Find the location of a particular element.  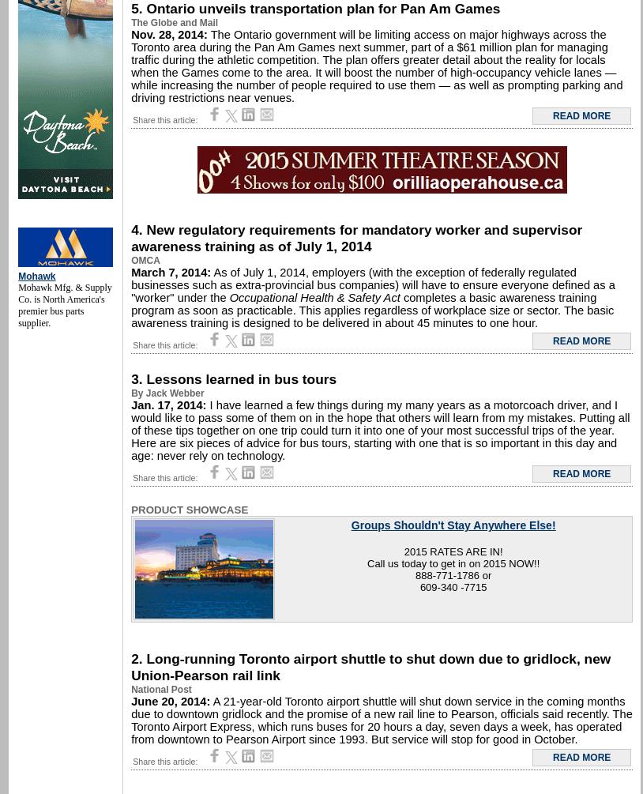

'888-771-1786 or' is located at coordinates (453, 575).